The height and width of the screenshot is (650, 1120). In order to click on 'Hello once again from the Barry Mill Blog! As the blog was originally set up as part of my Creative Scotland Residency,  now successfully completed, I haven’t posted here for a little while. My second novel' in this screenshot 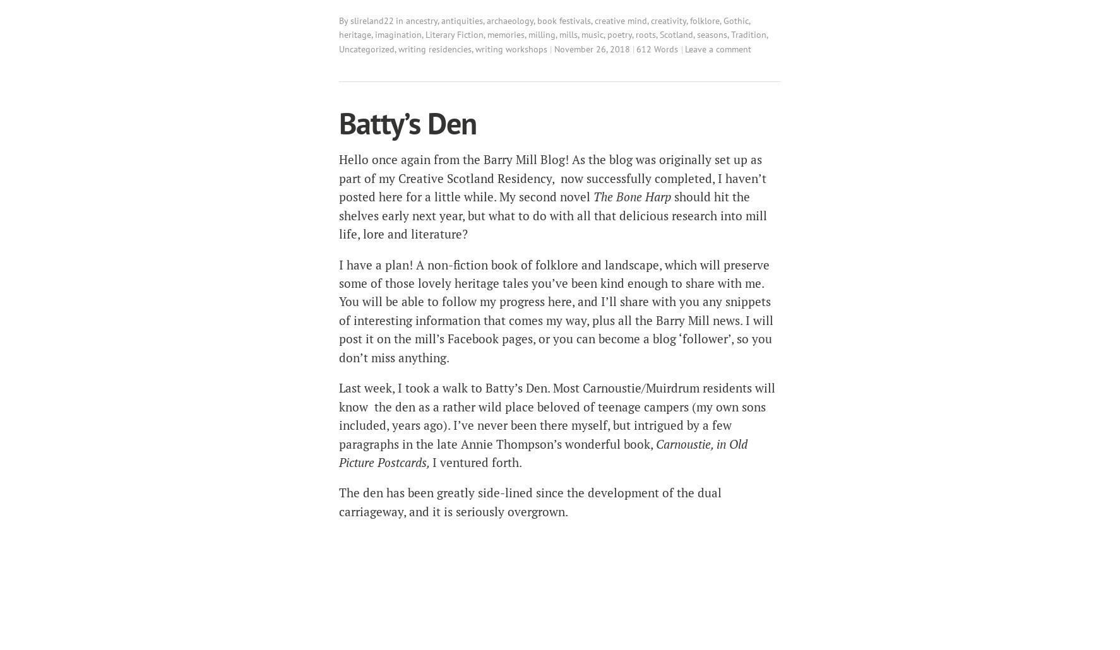, I will do `click(552, 177)`.